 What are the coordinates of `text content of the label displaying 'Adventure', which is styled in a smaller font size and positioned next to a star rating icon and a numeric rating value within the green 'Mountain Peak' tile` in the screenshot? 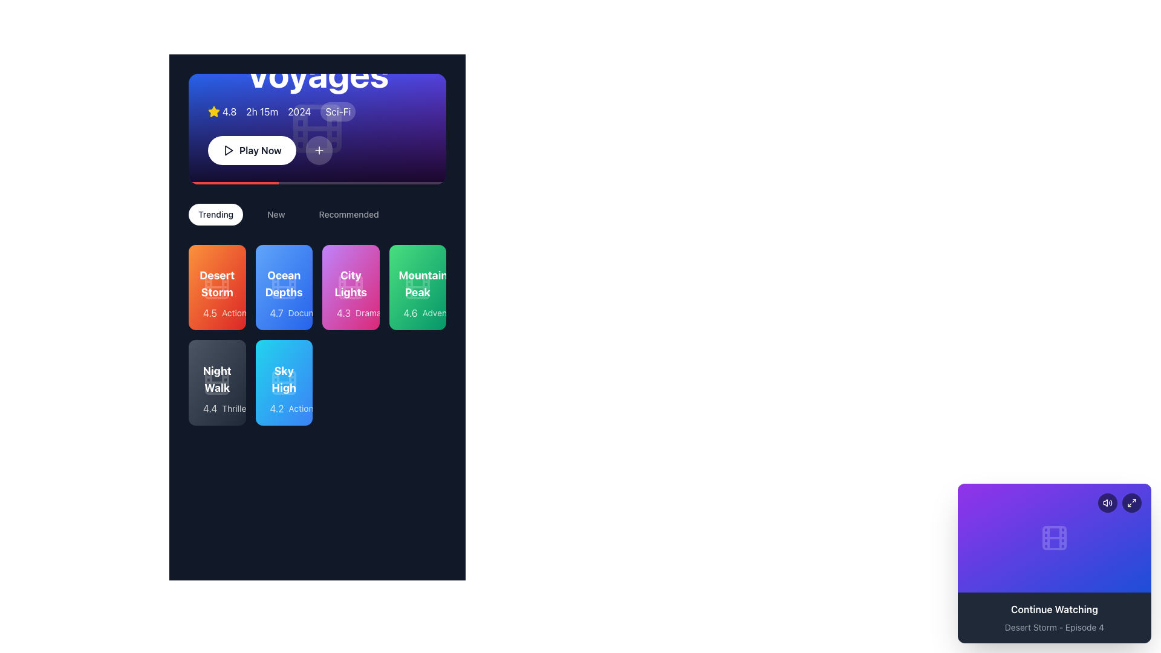 It's located at (441, 313).